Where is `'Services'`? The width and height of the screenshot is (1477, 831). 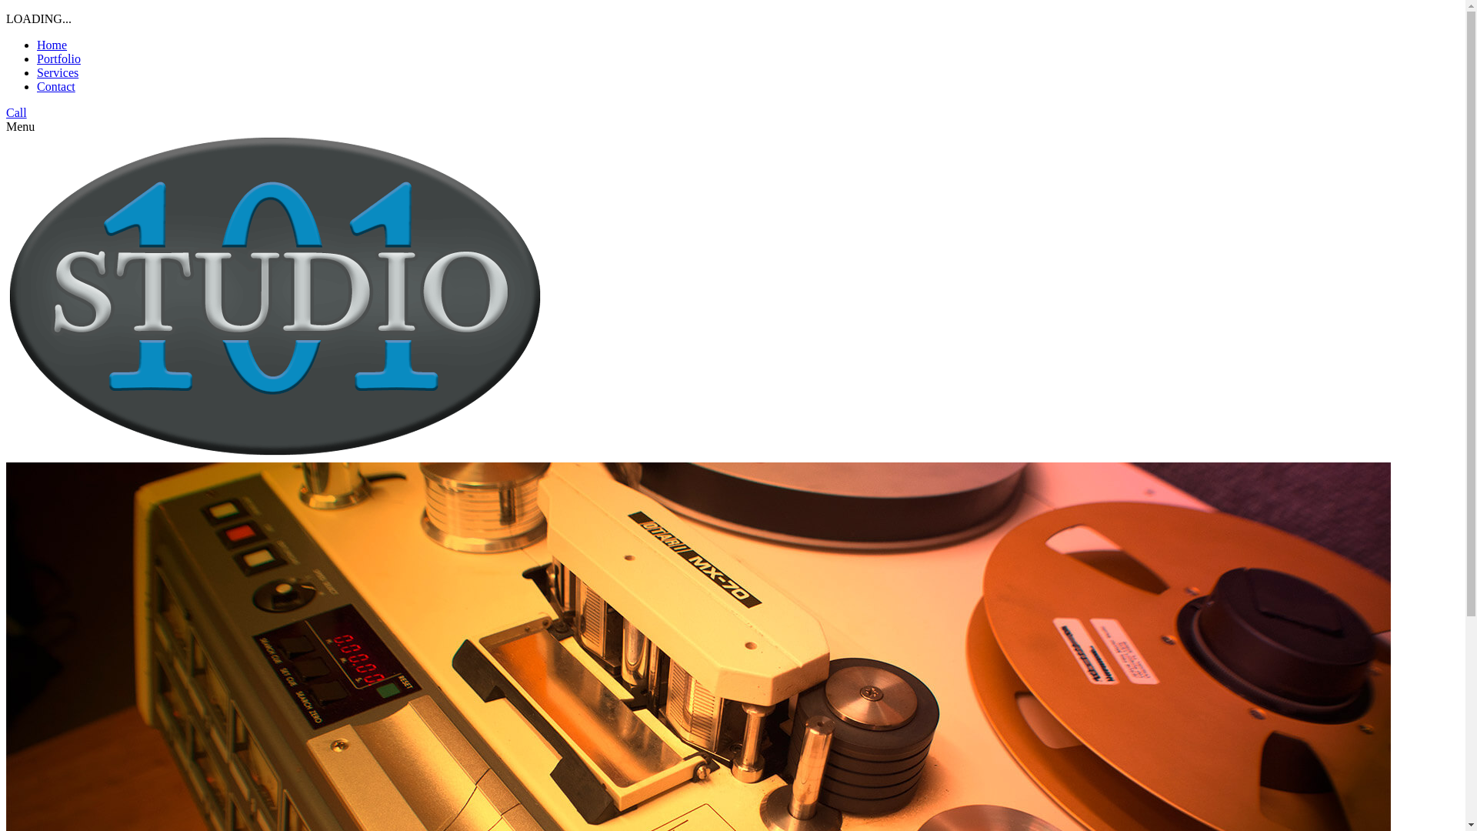
'Services' is located at coordinates (58, 72).